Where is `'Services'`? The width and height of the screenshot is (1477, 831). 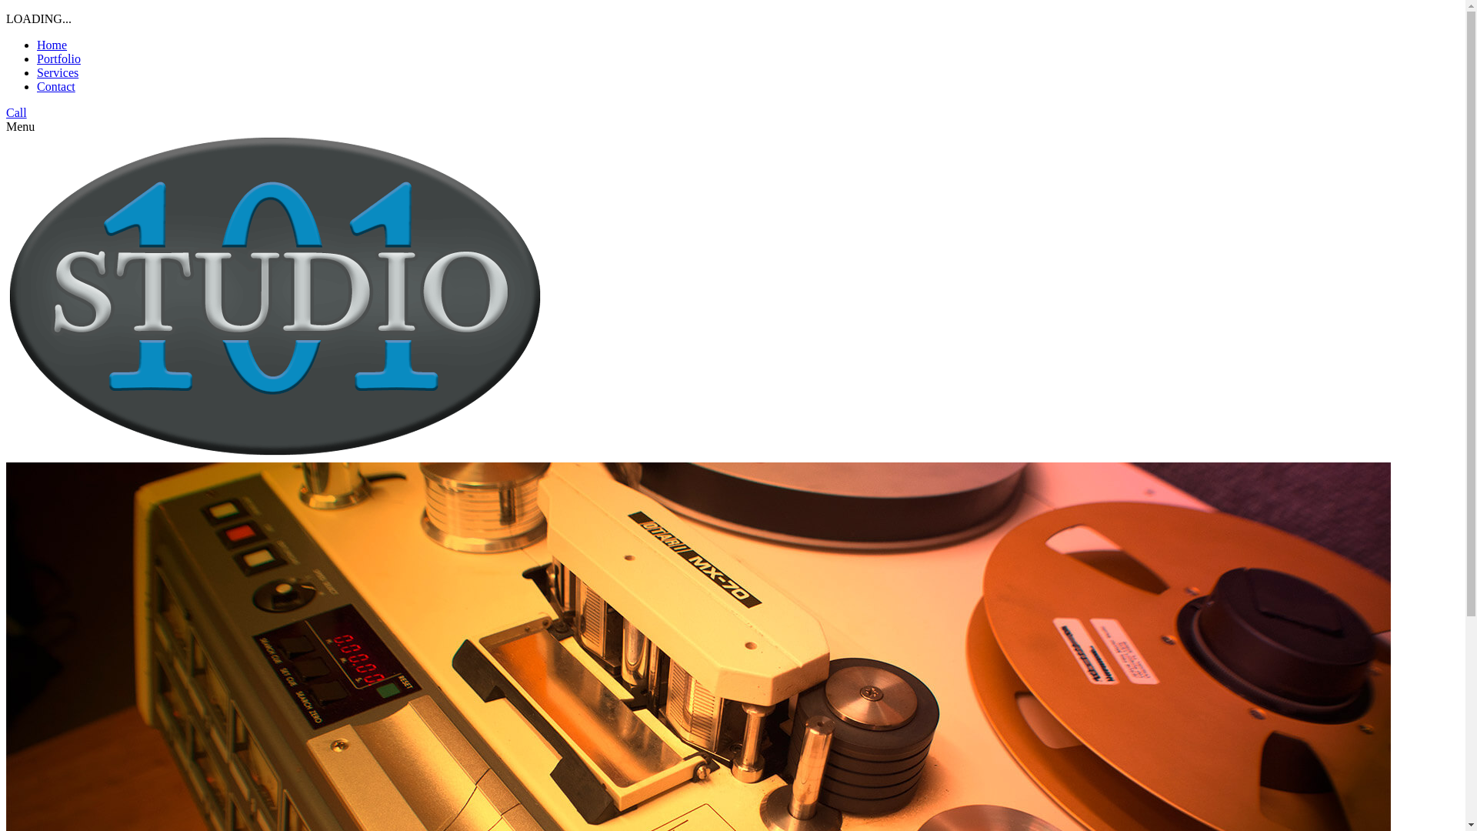
'Services' is located at coordinates (58, 72).